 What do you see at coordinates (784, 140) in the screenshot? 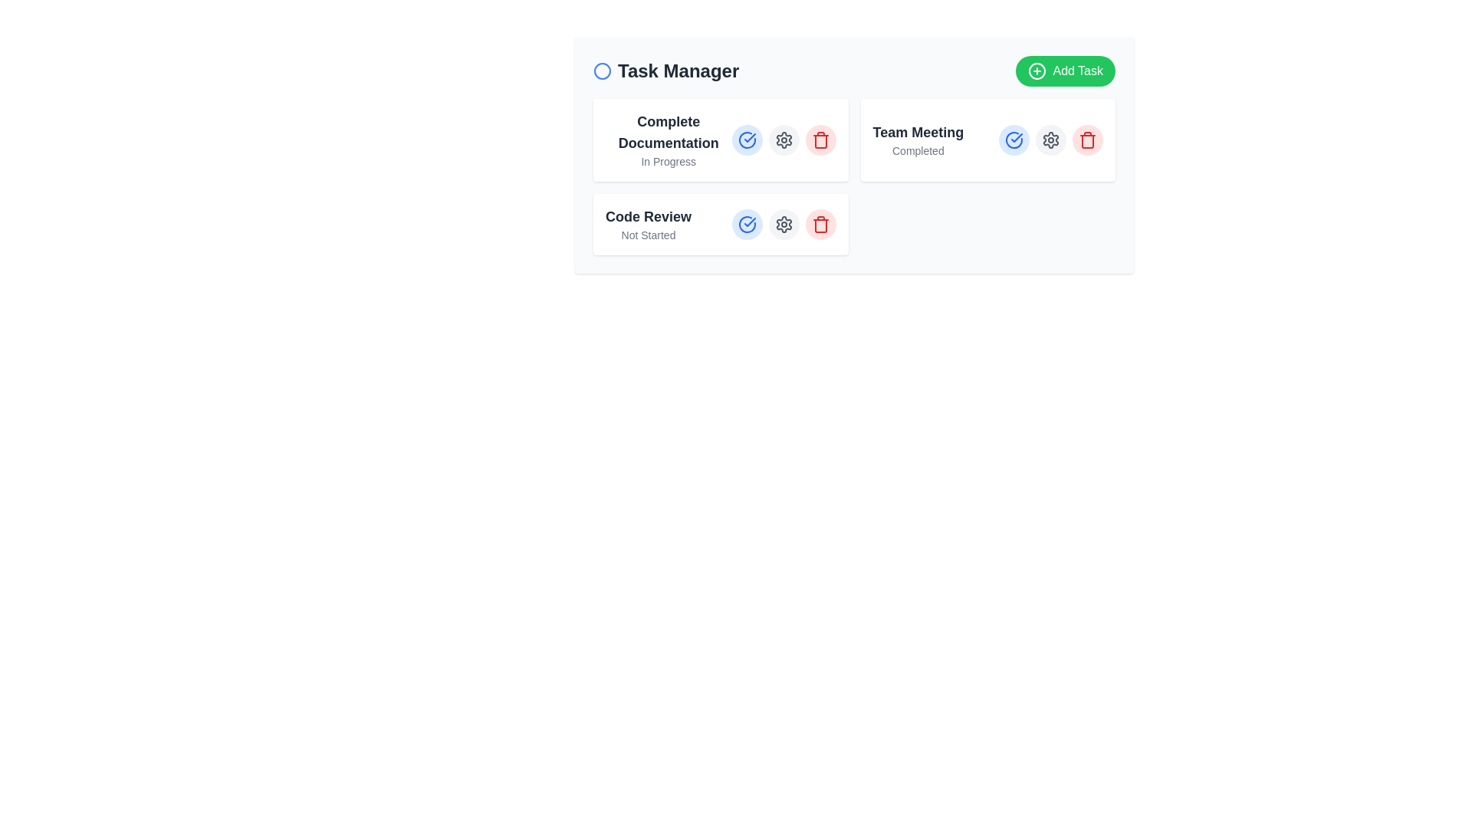
I see `the settings icon button located` at bounding box center [784, 140].